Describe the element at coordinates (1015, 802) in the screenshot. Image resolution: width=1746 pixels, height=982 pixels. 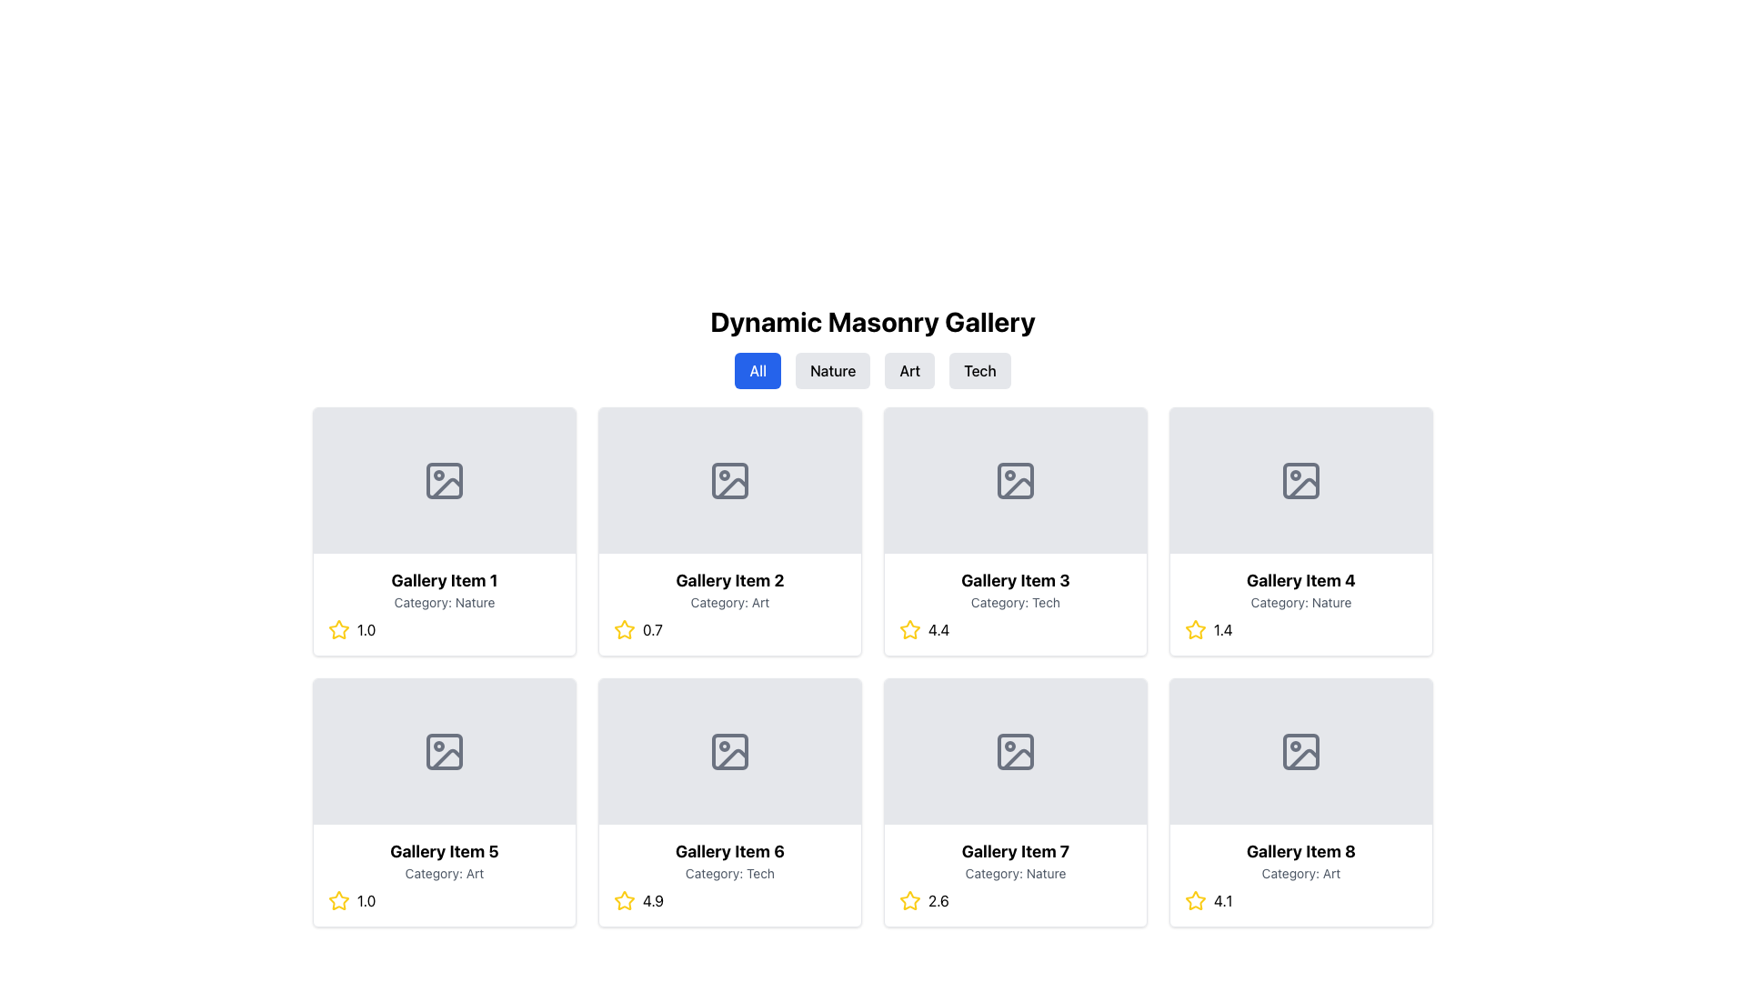
I see `to select the Gallery Item Card, which is the seventh item in the gallery grid located on the second row and third column` at that location.